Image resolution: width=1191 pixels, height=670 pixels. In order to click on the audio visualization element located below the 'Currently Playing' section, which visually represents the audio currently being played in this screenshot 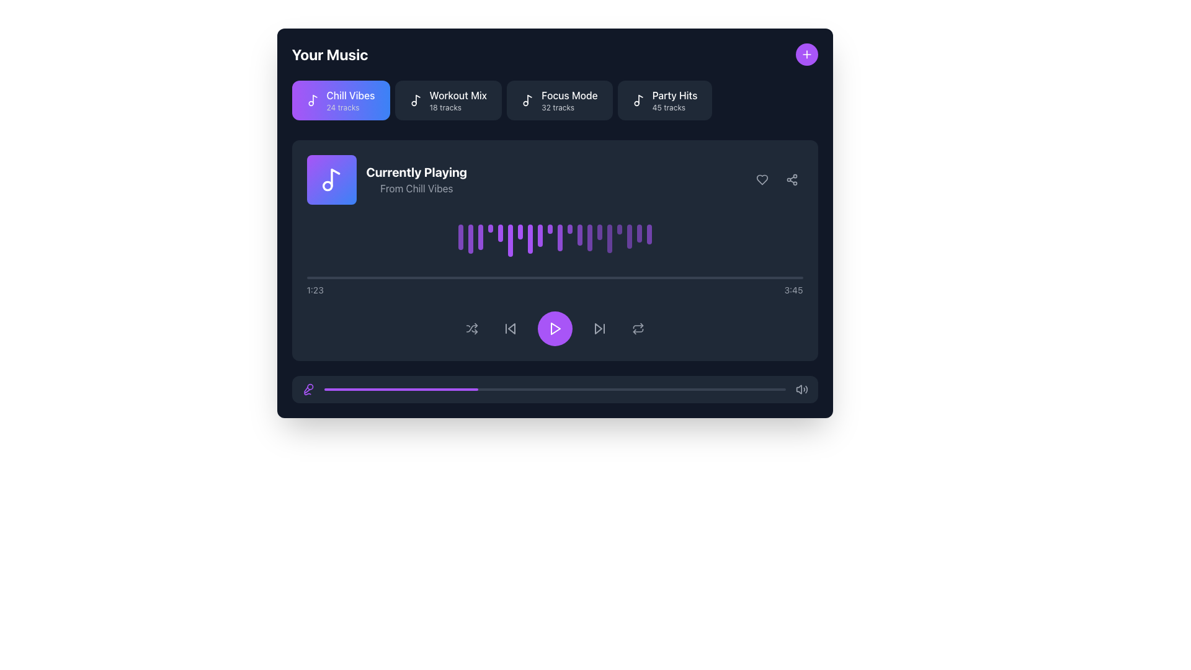, I will do `click(554, 241)`.